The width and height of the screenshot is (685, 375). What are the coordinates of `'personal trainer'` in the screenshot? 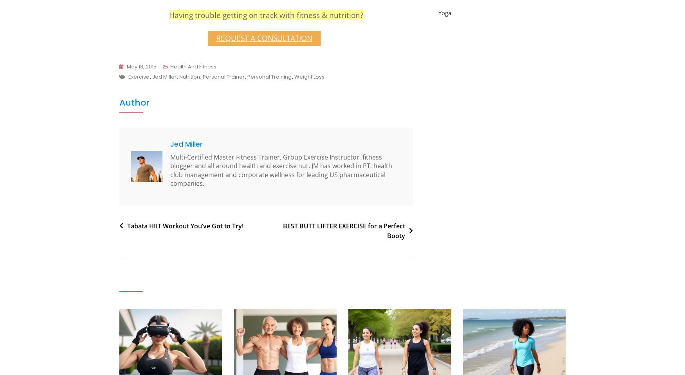 It's located at (224, 76).